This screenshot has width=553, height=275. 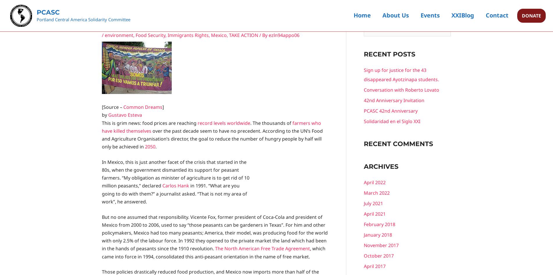 What do you see at coordinates (226, 123) in the screenshot?
I see `'worldwide'` at bounding box center [226, 123].